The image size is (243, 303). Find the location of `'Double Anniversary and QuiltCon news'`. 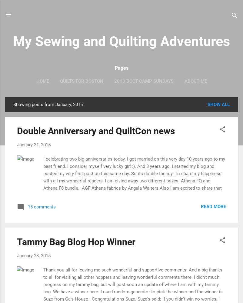

'Double Anniversary and QuiltCon news' is located at coordinates (95, 131).